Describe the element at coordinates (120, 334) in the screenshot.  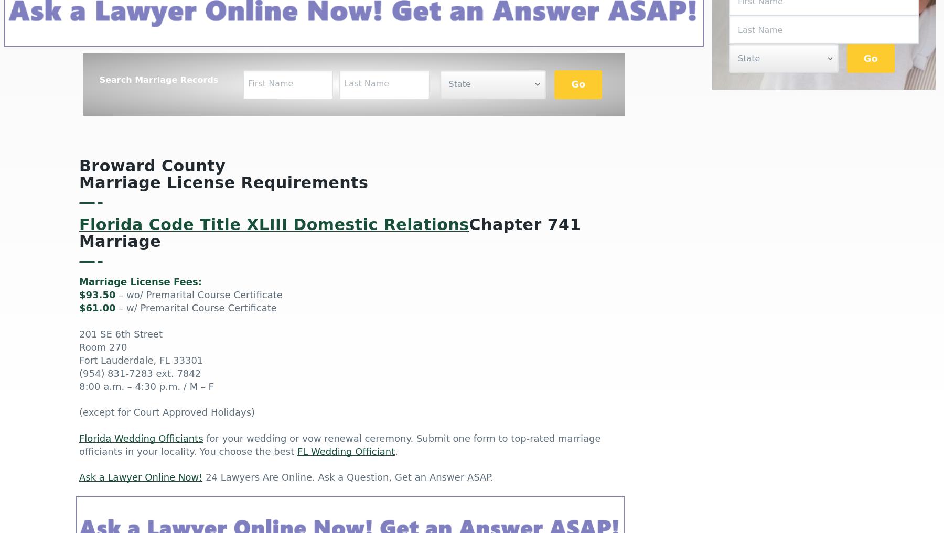
I see `'201 SE 6th Street'` at that location.